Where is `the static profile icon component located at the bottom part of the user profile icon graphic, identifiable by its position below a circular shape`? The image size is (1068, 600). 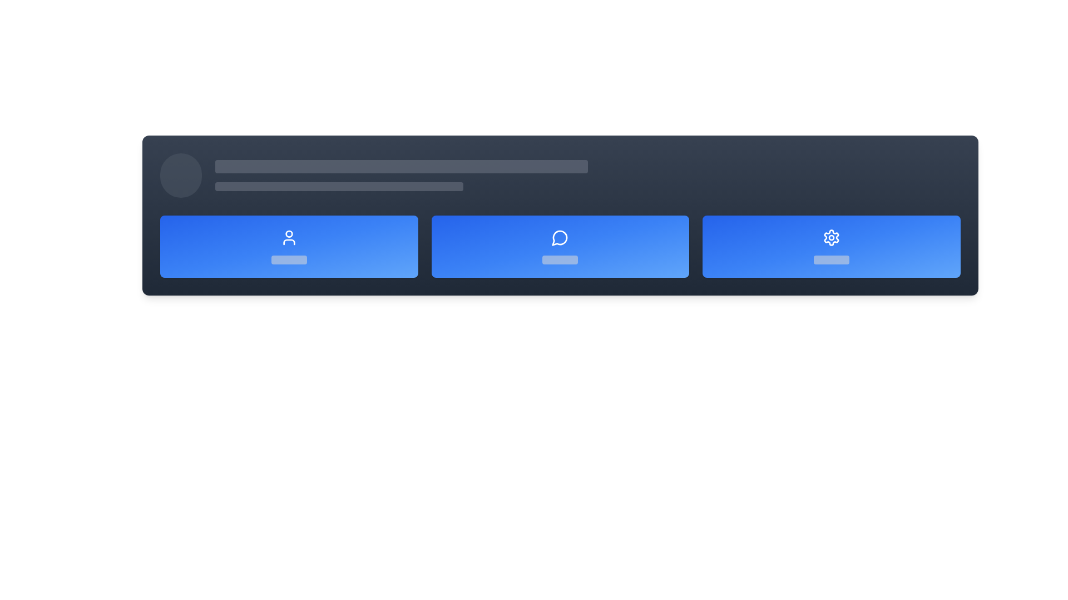
the static profile icon component located at the bottom part of the user profile icon graphic, identifiable by its position below a circular shape is located at coordinates (289, 241).